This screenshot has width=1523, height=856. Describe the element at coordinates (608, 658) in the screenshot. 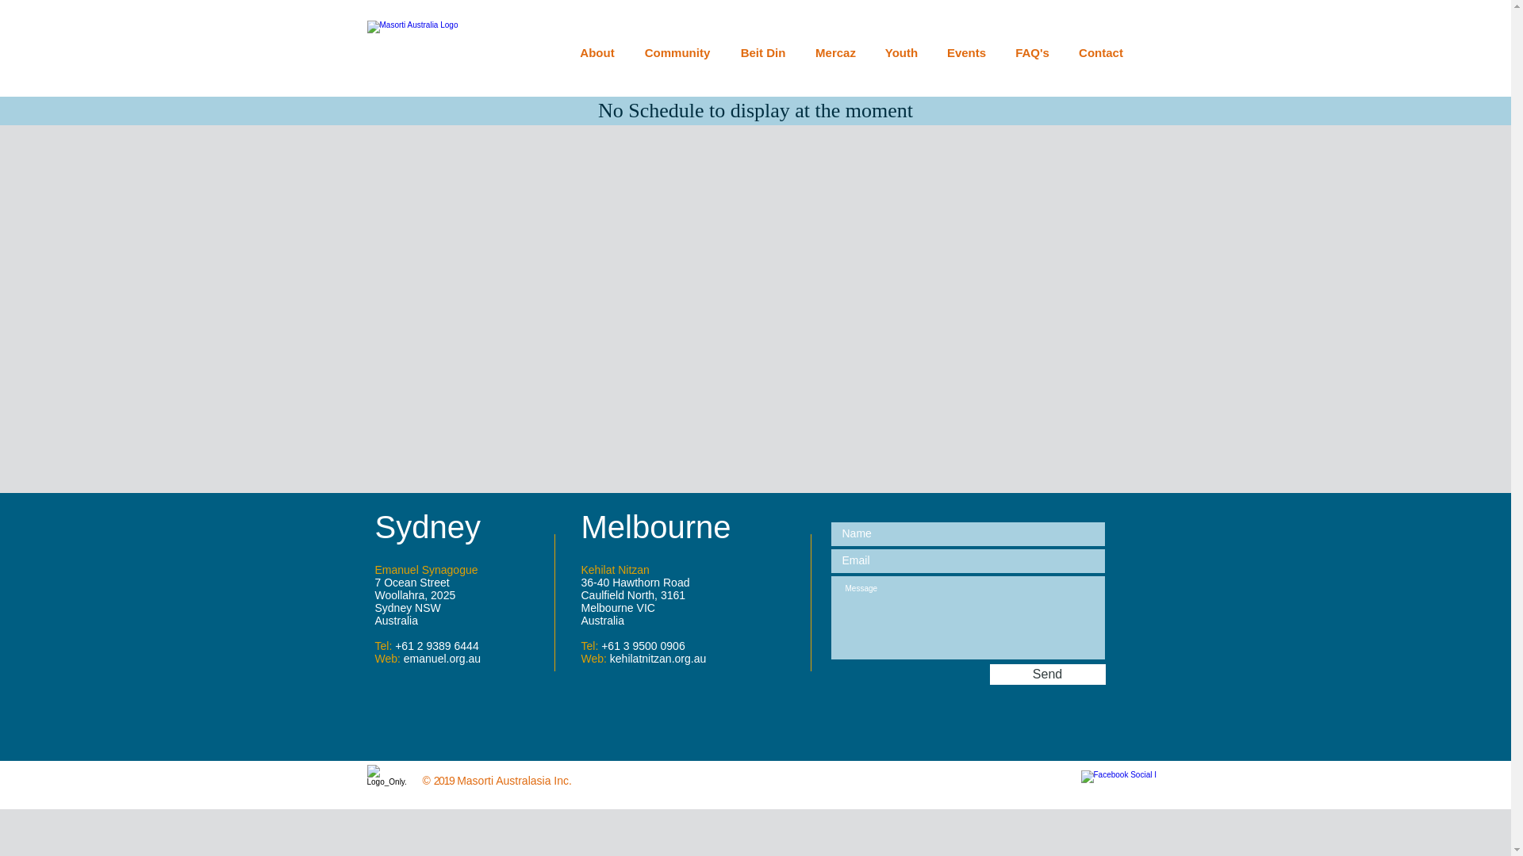

I see `'kehilatnitzan.org.au'` at that location.